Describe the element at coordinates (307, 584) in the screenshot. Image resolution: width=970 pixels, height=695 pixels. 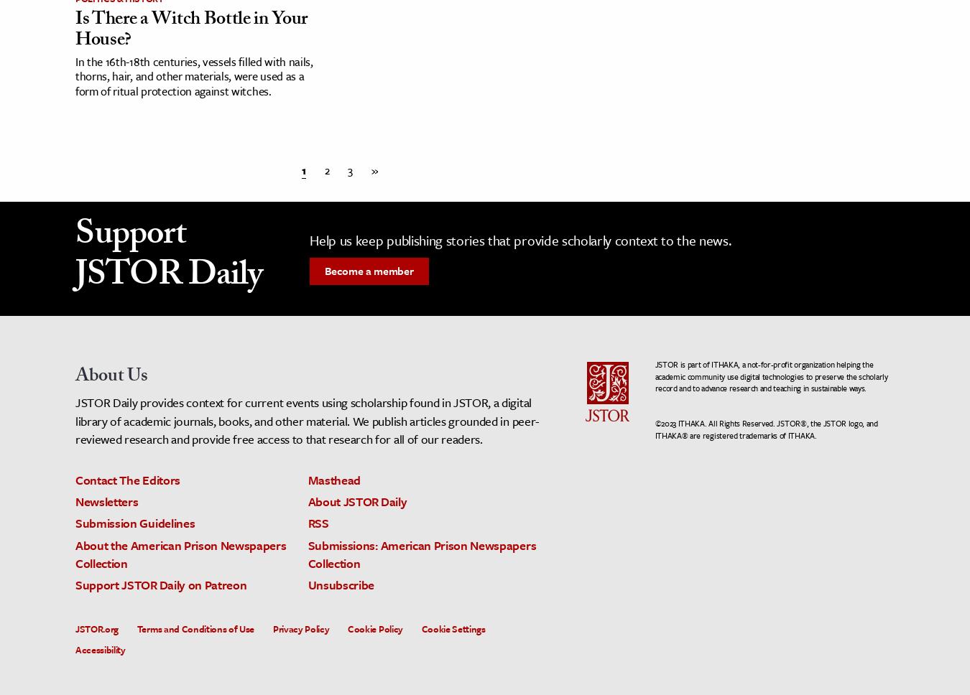
I see `'Unsubscribe'` at that location.